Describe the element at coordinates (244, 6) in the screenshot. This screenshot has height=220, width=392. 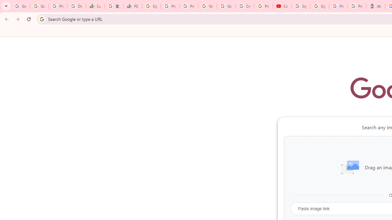
I see `'Create your Google Account'` at that location.